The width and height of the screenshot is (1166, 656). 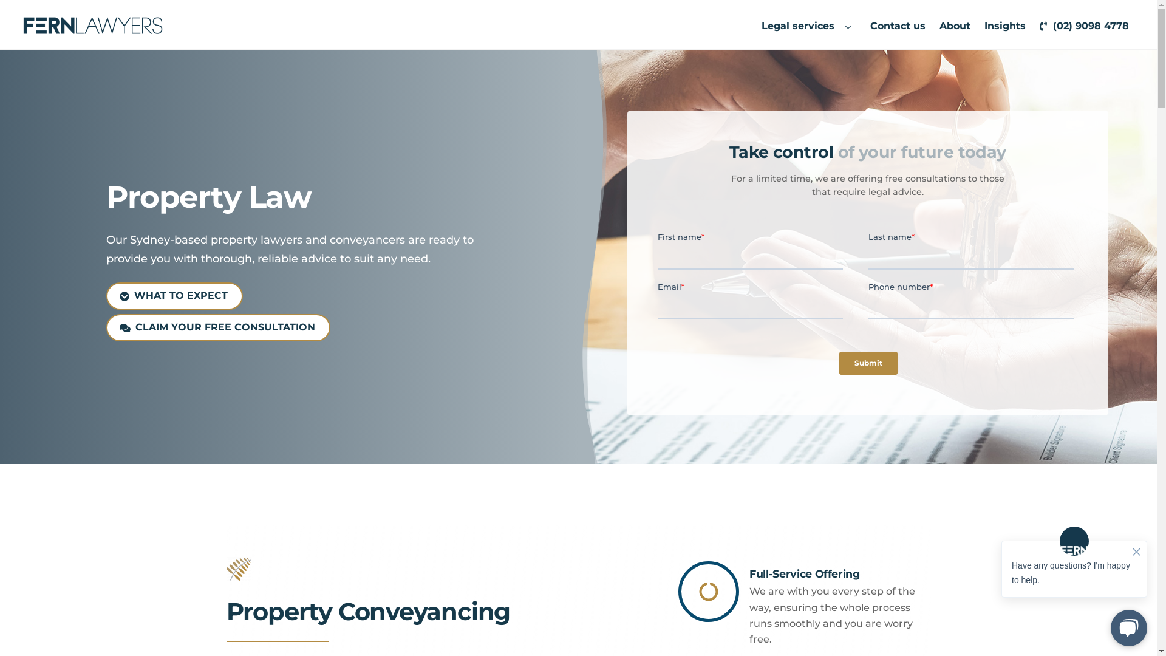 What do you see at coordinates (809, 26) in the screenshot?
I see `'Legal services'` at bounding box center [809, 26].